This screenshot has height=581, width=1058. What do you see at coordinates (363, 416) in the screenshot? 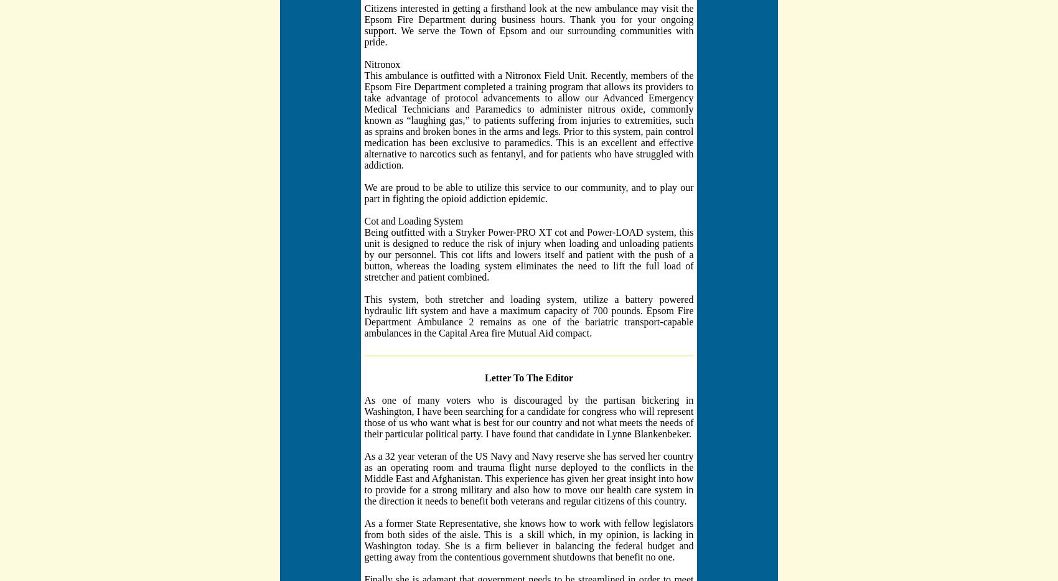
I see `'As one of many voters who
is discouraged by the partisan bickering in Washington, I have been
searching for a candidate for congress who will represent those of
us who want what is best for our country and not what meets the
needs of their particular political party. I have found that
candidate in Lynne Blankenbeker.'` at bounding box center [363, 416].